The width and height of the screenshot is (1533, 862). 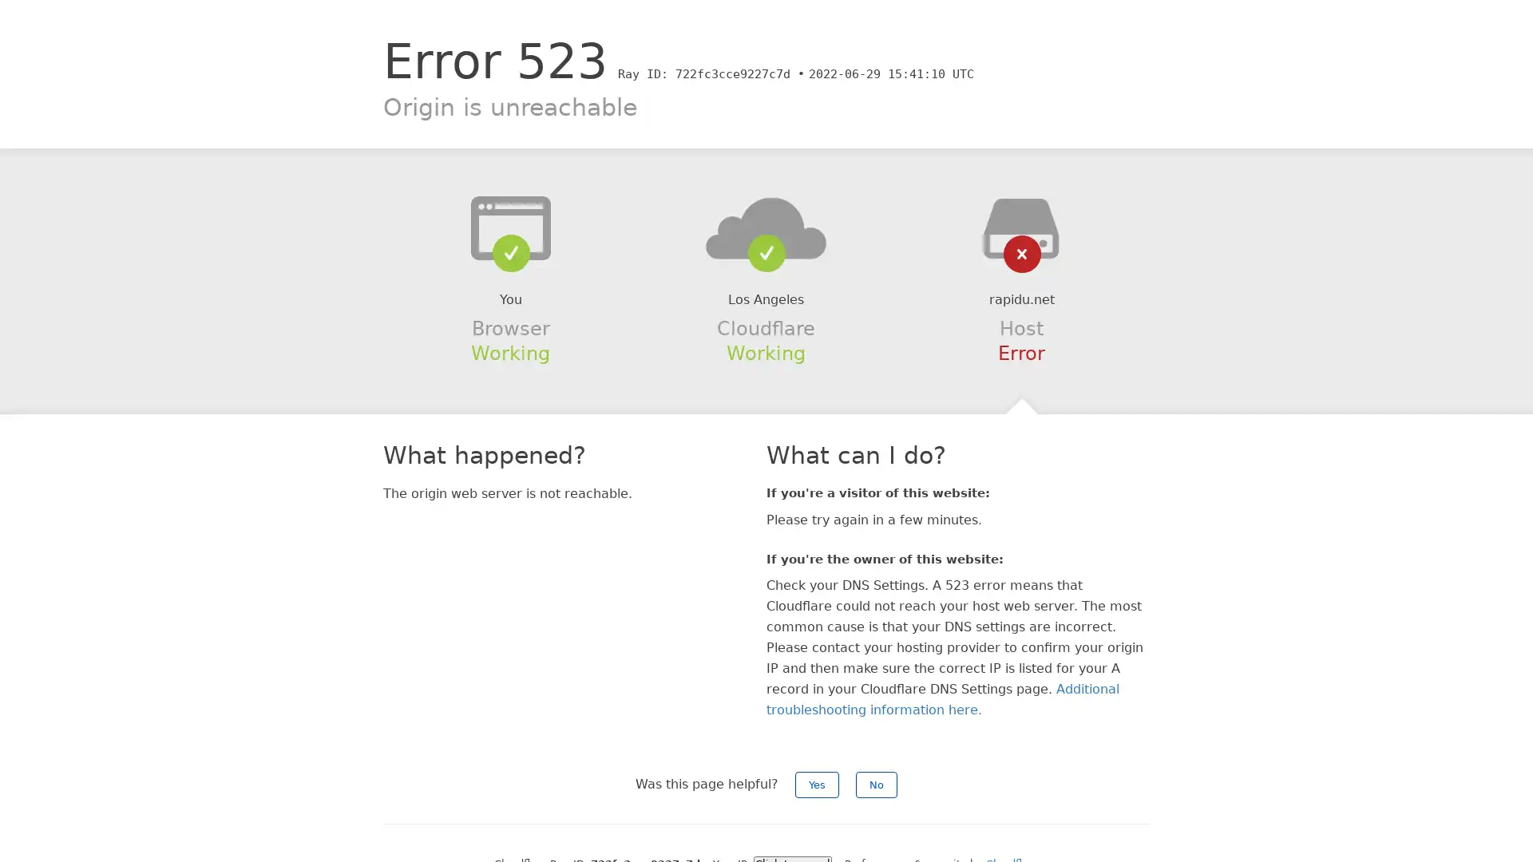 What do you see at coordinates (876, 784) in the screenshot?
I see `No` at bounding box center [876, 784].